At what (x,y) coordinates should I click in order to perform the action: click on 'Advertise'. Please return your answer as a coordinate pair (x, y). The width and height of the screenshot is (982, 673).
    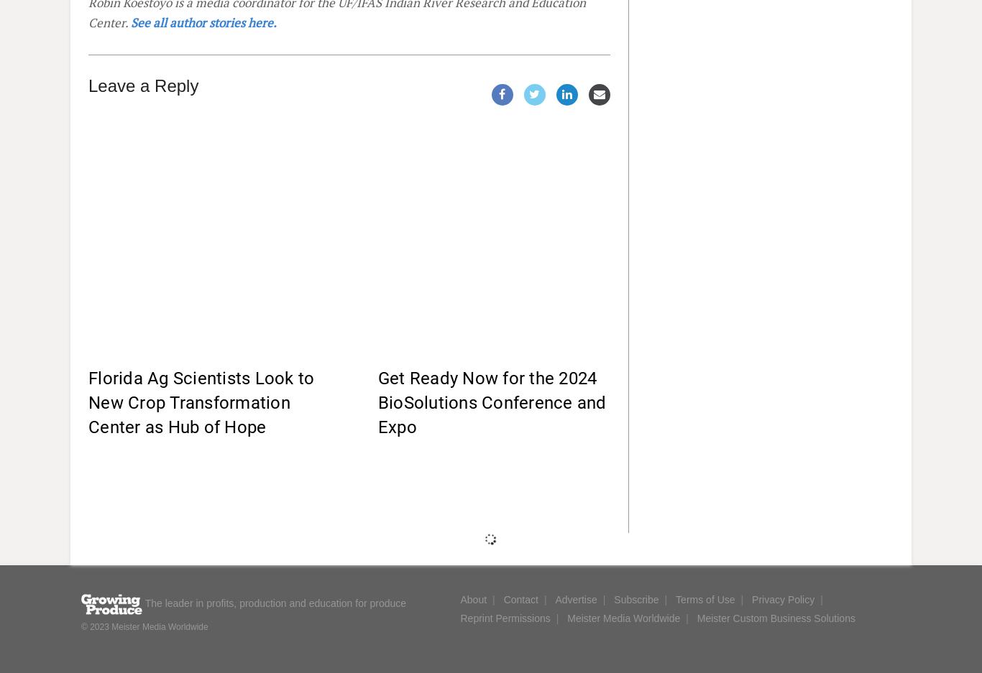
    Looking at the image, I should click on (575, 599).